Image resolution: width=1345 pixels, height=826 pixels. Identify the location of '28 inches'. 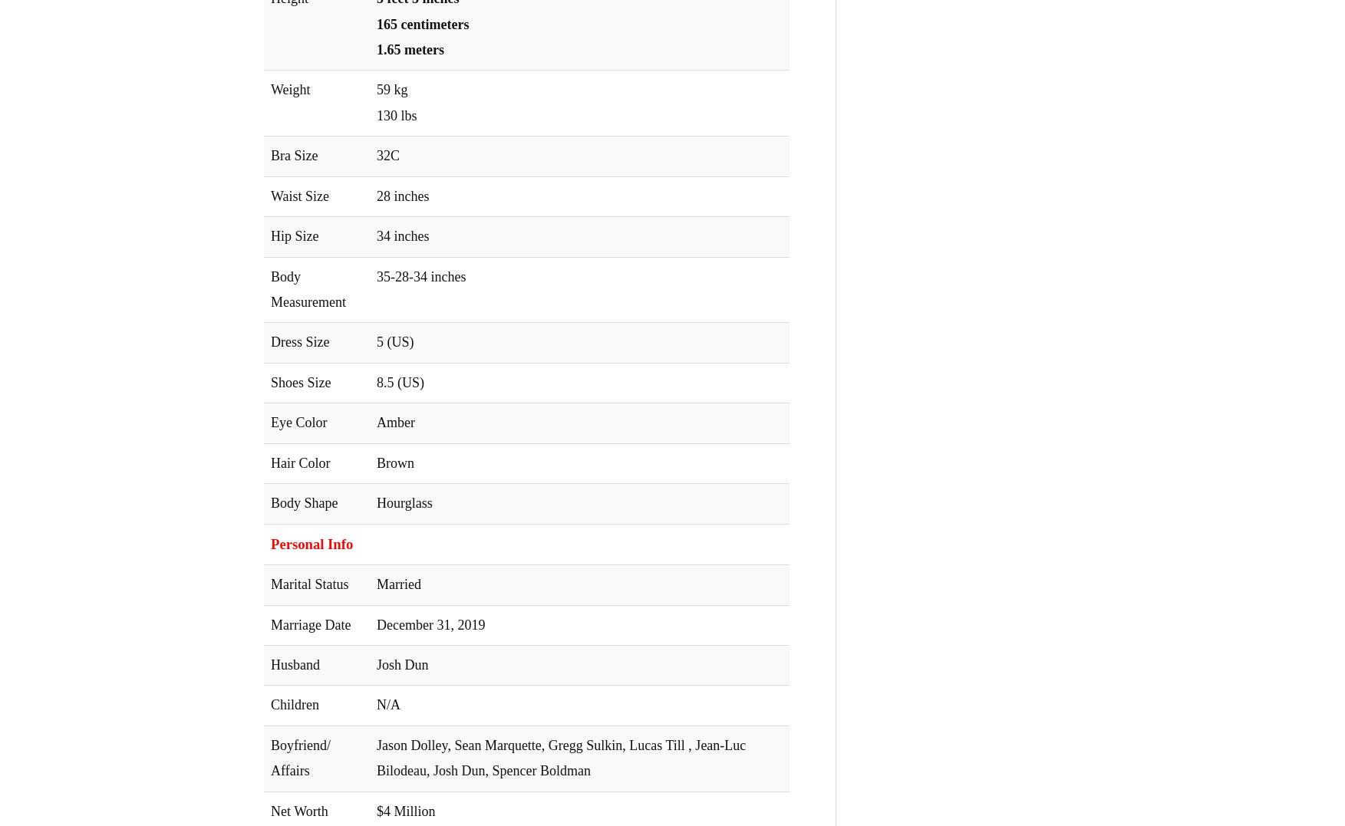
(403, 195).